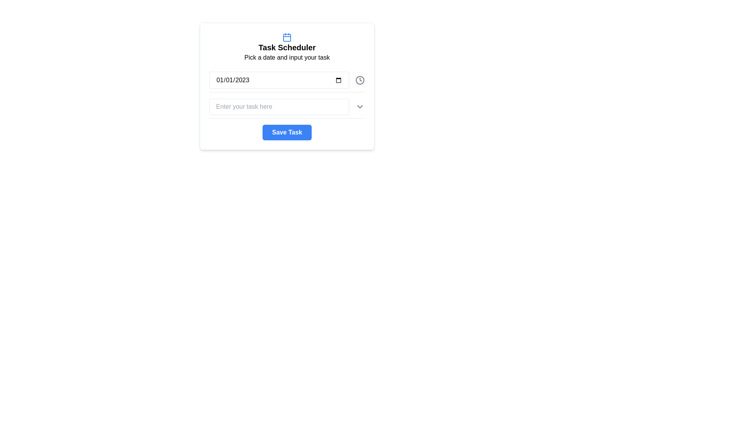  I want to click on the static text label that says 'Pick a date and input your task', which is located beneath the bold title 'Task Scheduler' in the card-style layout, so click(286, 57).